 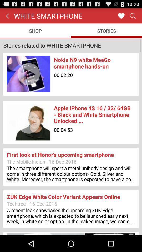 What do you see at coordinates (121, 17) in the screenshot?
I see `the favorite icon` at bounding box center [121, 17].